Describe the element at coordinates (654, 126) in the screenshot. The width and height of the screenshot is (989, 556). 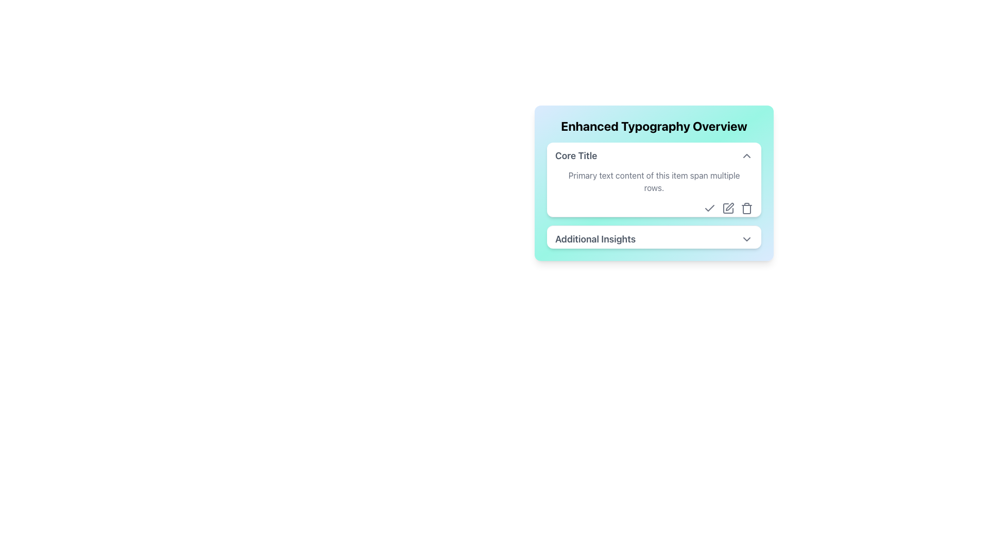
I see `title text of the card, which is positioned at the top and serves as a prominent overview of the card's content` at that location.